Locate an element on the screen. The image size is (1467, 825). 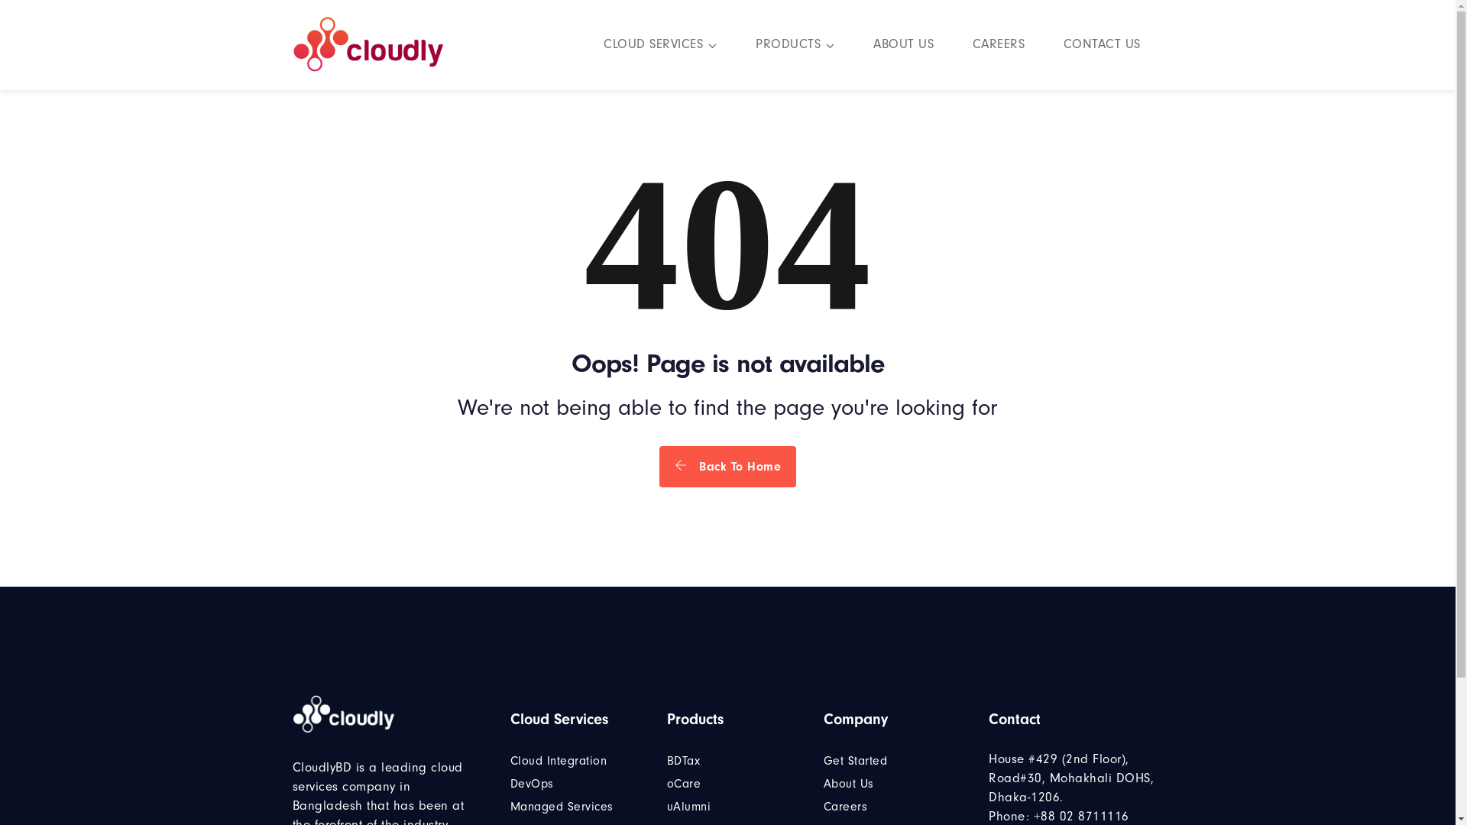
'Managed Services' is located at coordinates (561, 806).